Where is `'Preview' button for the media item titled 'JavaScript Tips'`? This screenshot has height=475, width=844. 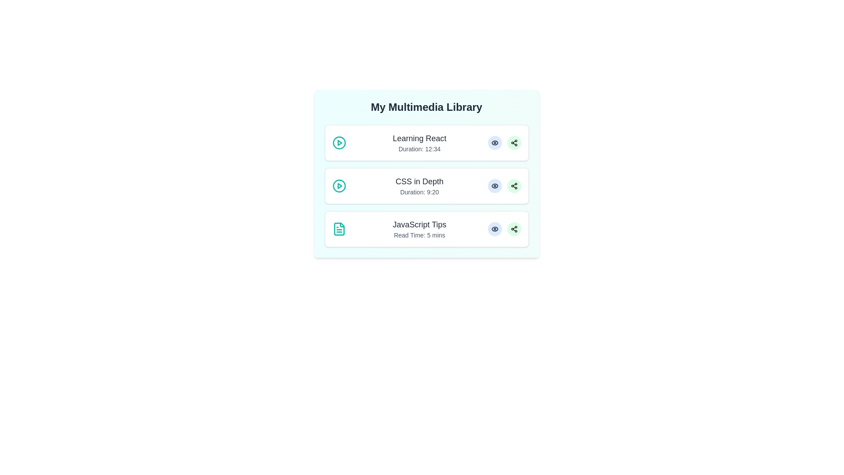
'Preview' button for the media item titled 'JavaScript Tips' is located at coordinates (495, 228).